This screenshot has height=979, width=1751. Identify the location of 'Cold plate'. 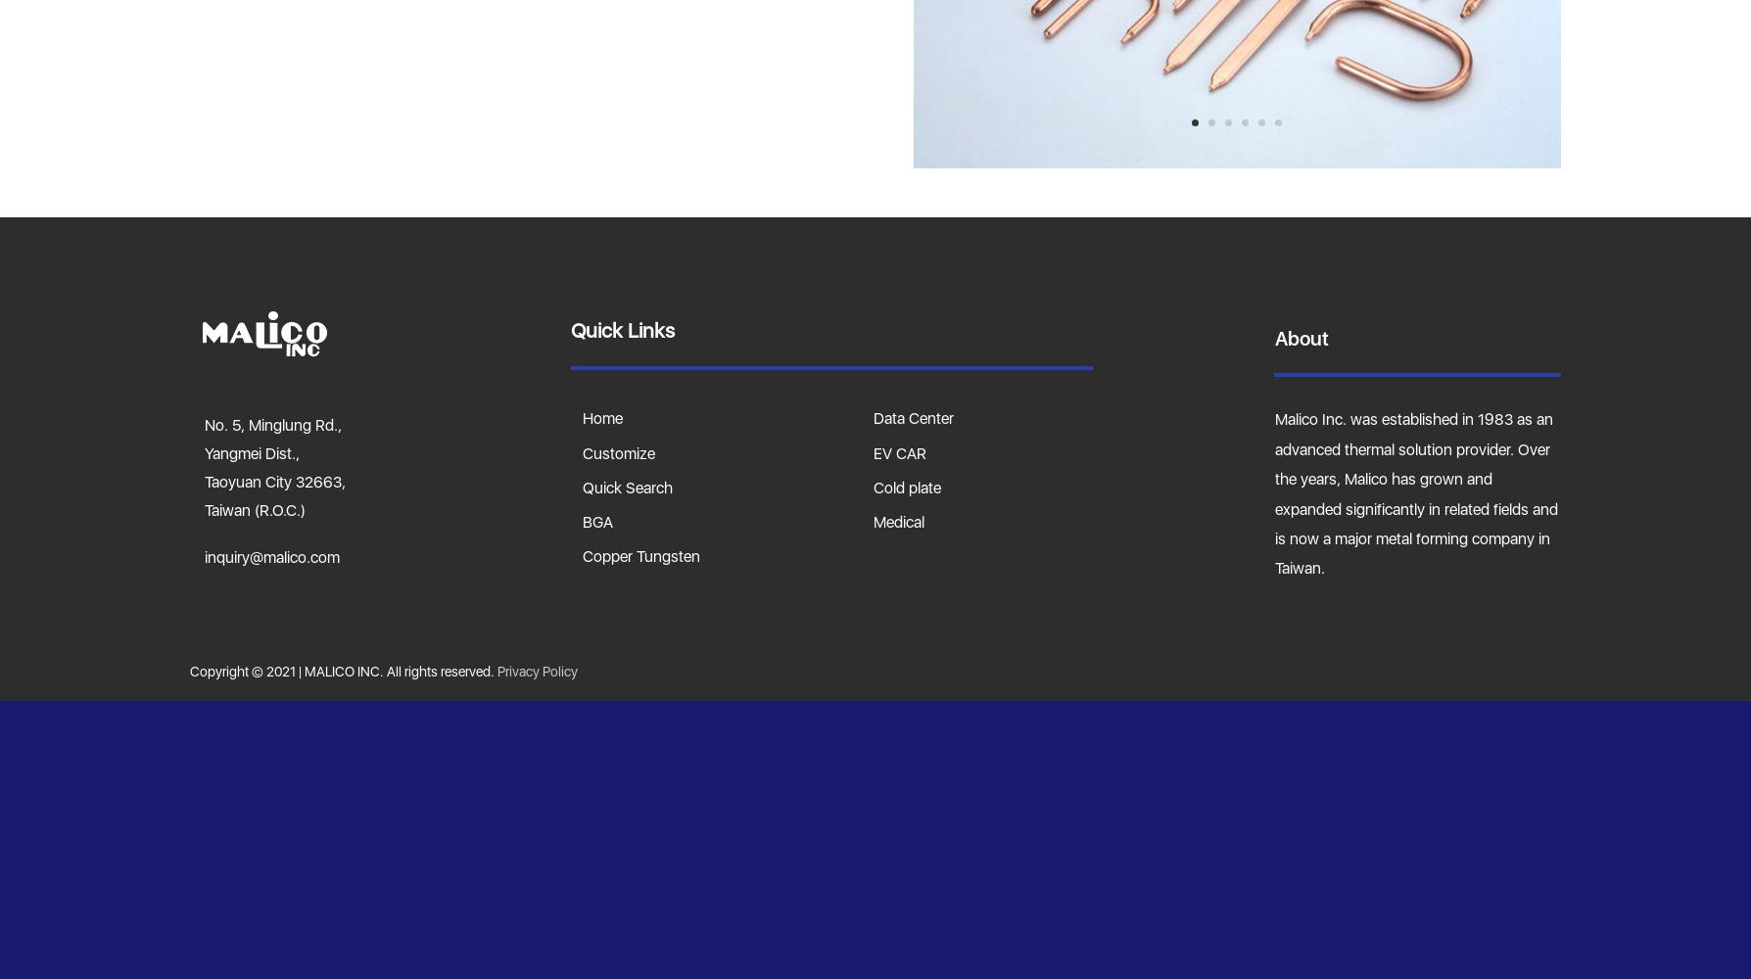
(907, 486).